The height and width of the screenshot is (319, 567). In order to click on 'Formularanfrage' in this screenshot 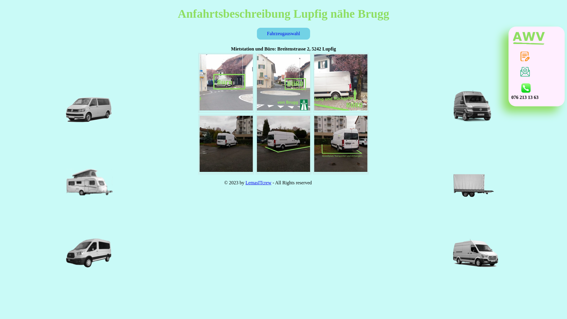, I will do `click(525, 56)`.